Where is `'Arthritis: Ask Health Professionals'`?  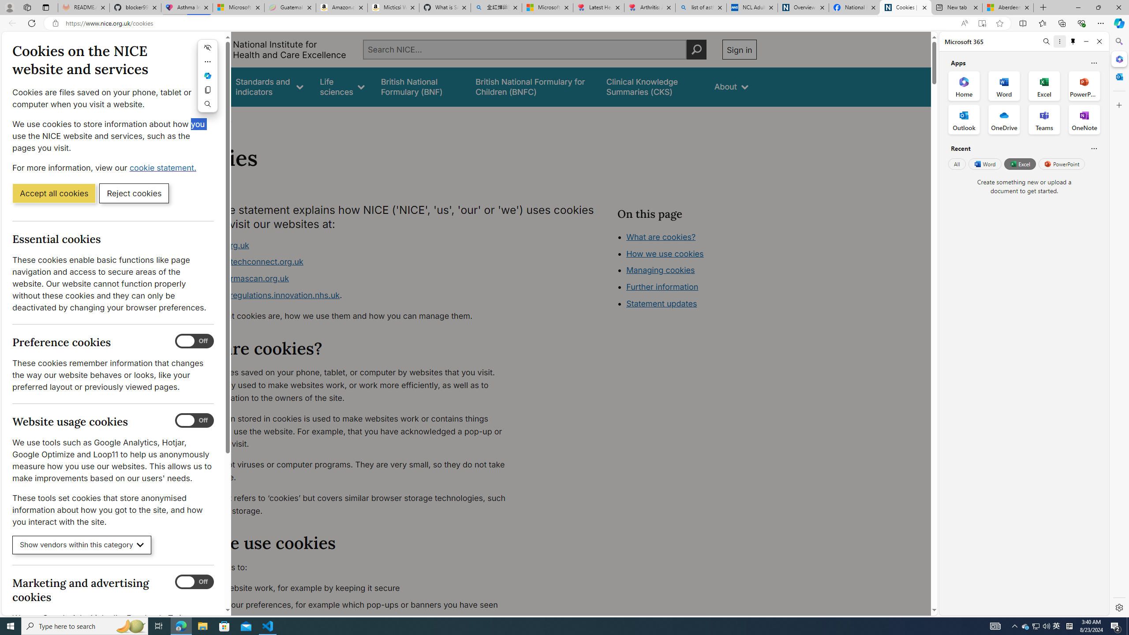 'Arthritis: Ask Health Professionals' is located at coordinates (650, 7).